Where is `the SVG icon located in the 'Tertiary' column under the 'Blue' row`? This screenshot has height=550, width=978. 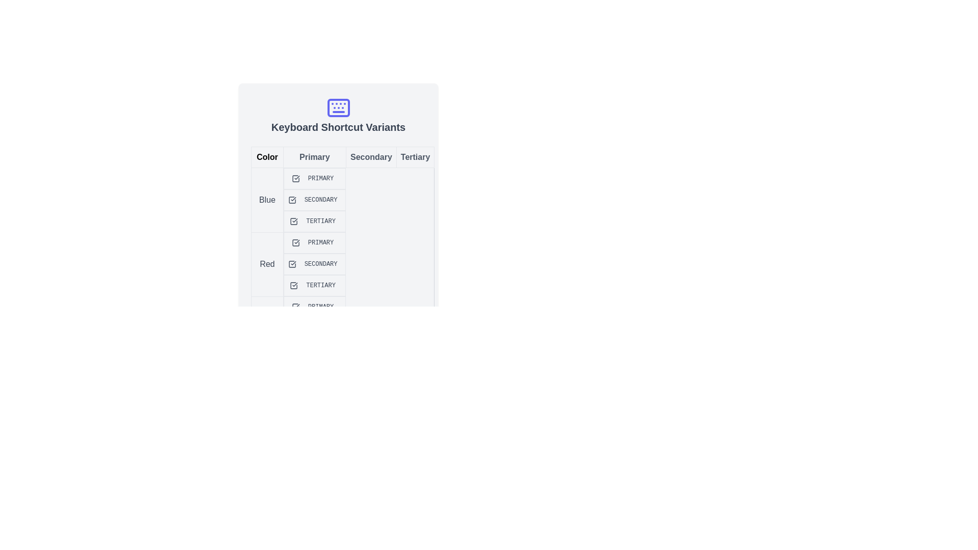 the SVG icon located in the 'Tertiary' column under the 'Blue' row is located at coordinates (293, 221).